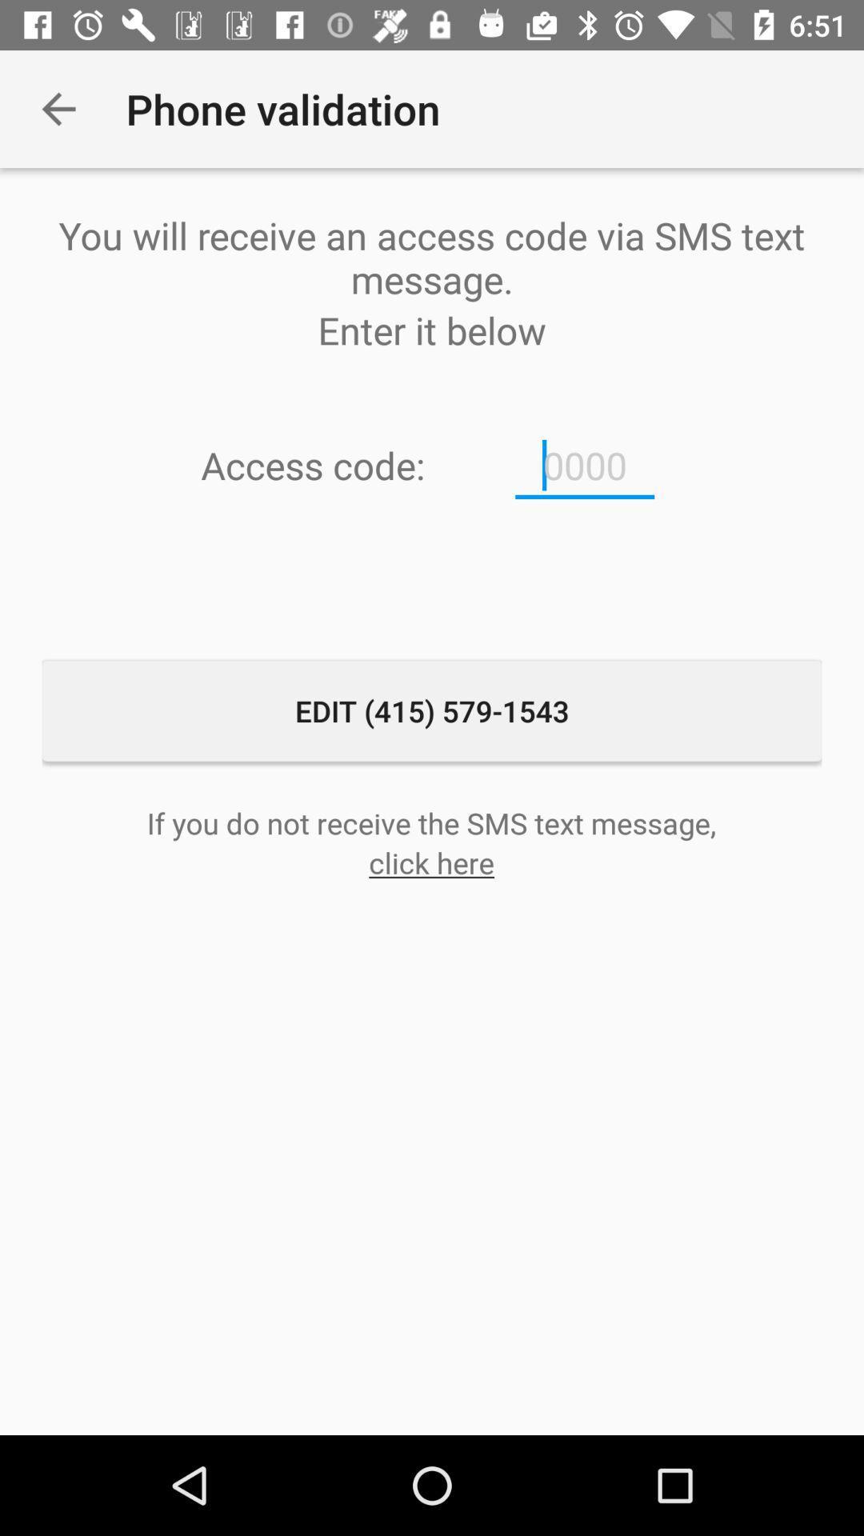 This screenshot has height=1536, width=864. I want to click on the item below the edit 415 579 icon, so click(430, 822).